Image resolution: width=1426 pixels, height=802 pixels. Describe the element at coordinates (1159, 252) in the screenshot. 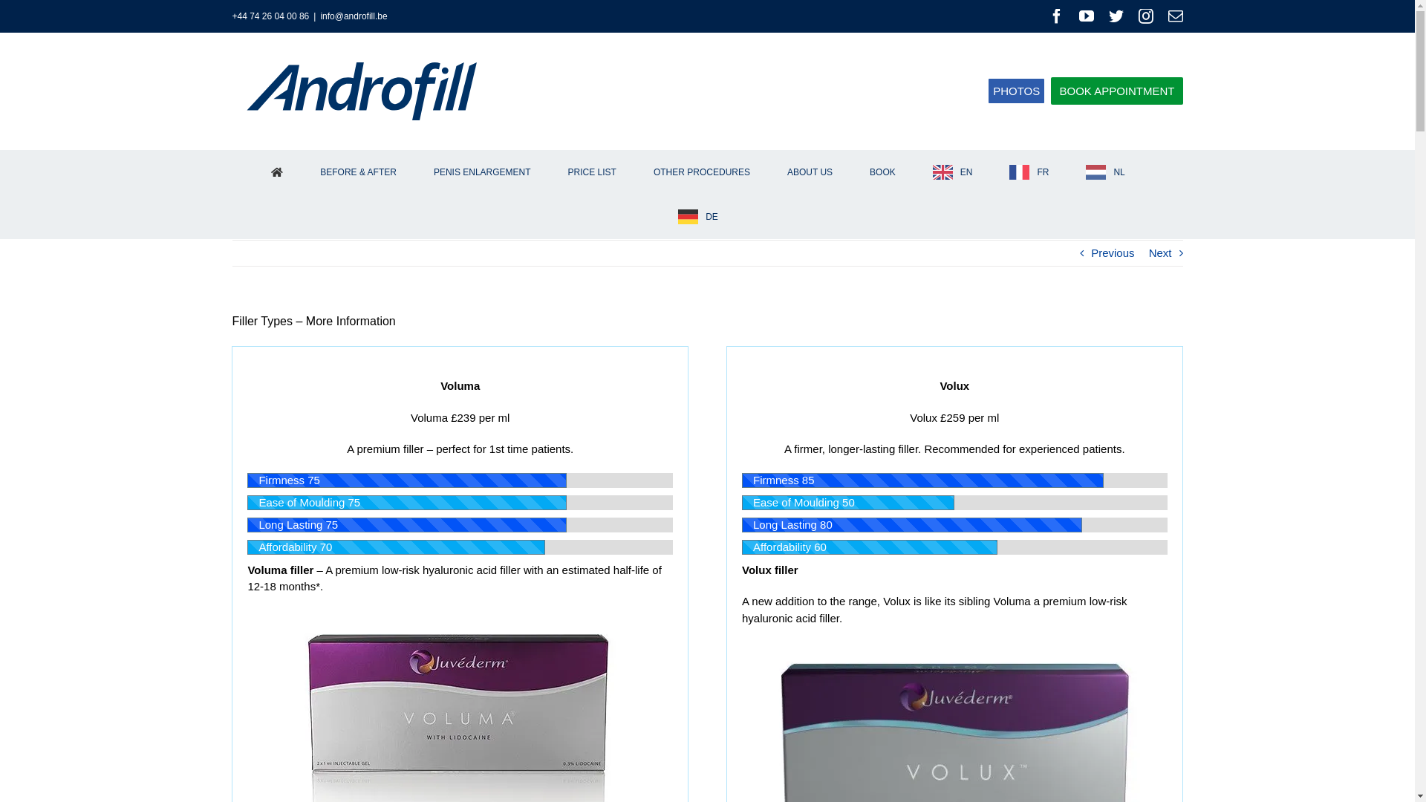

I see `'Next'` at that location.